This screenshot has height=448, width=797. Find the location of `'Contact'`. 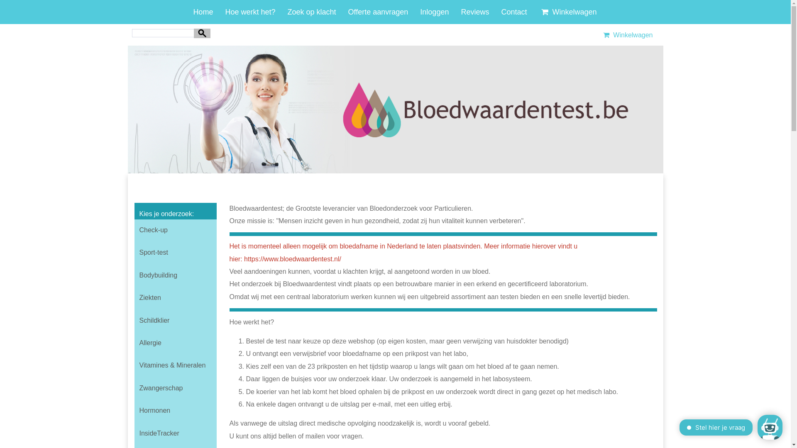

'Contact' is located at coordinates (513, 12).